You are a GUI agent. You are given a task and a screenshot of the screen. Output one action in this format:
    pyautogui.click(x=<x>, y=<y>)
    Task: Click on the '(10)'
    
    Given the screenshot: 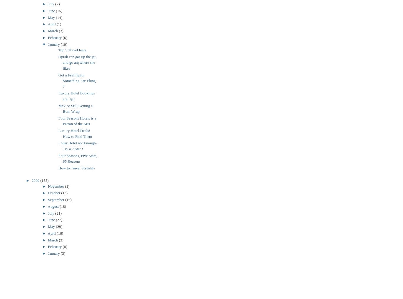 What is the action you would take?
    pyautogui.click(x=63, y=44)
    